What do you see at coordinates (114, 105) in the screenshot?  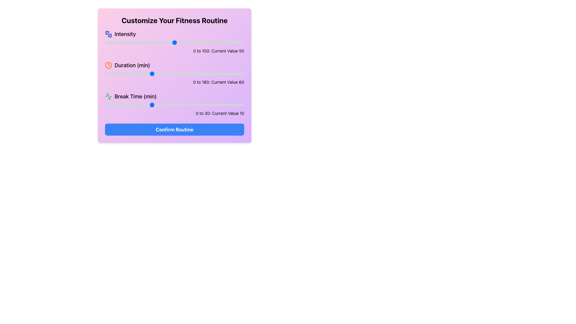 I see `the break time` at bounding box center [114, 105].